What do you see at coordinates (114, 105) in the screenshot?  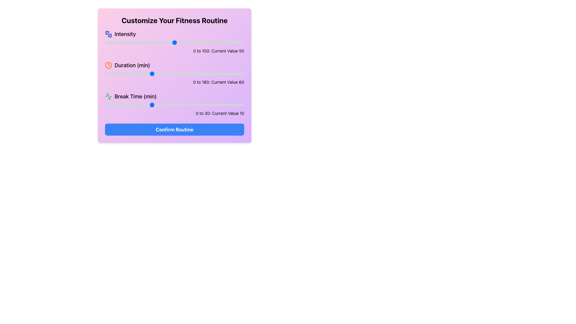 I see `the break time` at bounding box center [114, 105].